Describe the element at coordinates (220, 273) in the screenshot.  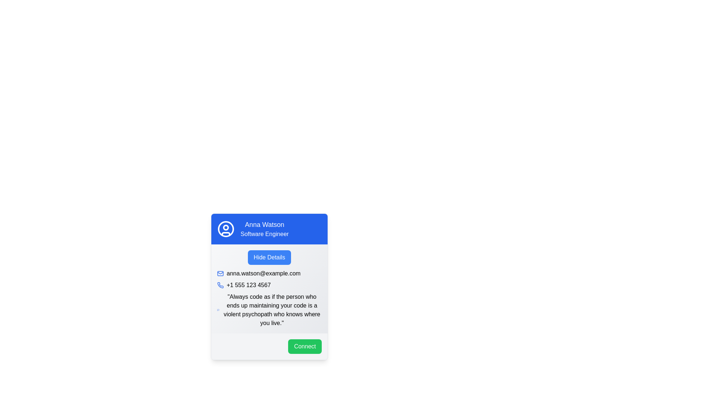
I see `the email icon, which is a white rectangle with rounded corners and a blue outline, located to the left of the email address 'anna.watson@example.com'` at that location.